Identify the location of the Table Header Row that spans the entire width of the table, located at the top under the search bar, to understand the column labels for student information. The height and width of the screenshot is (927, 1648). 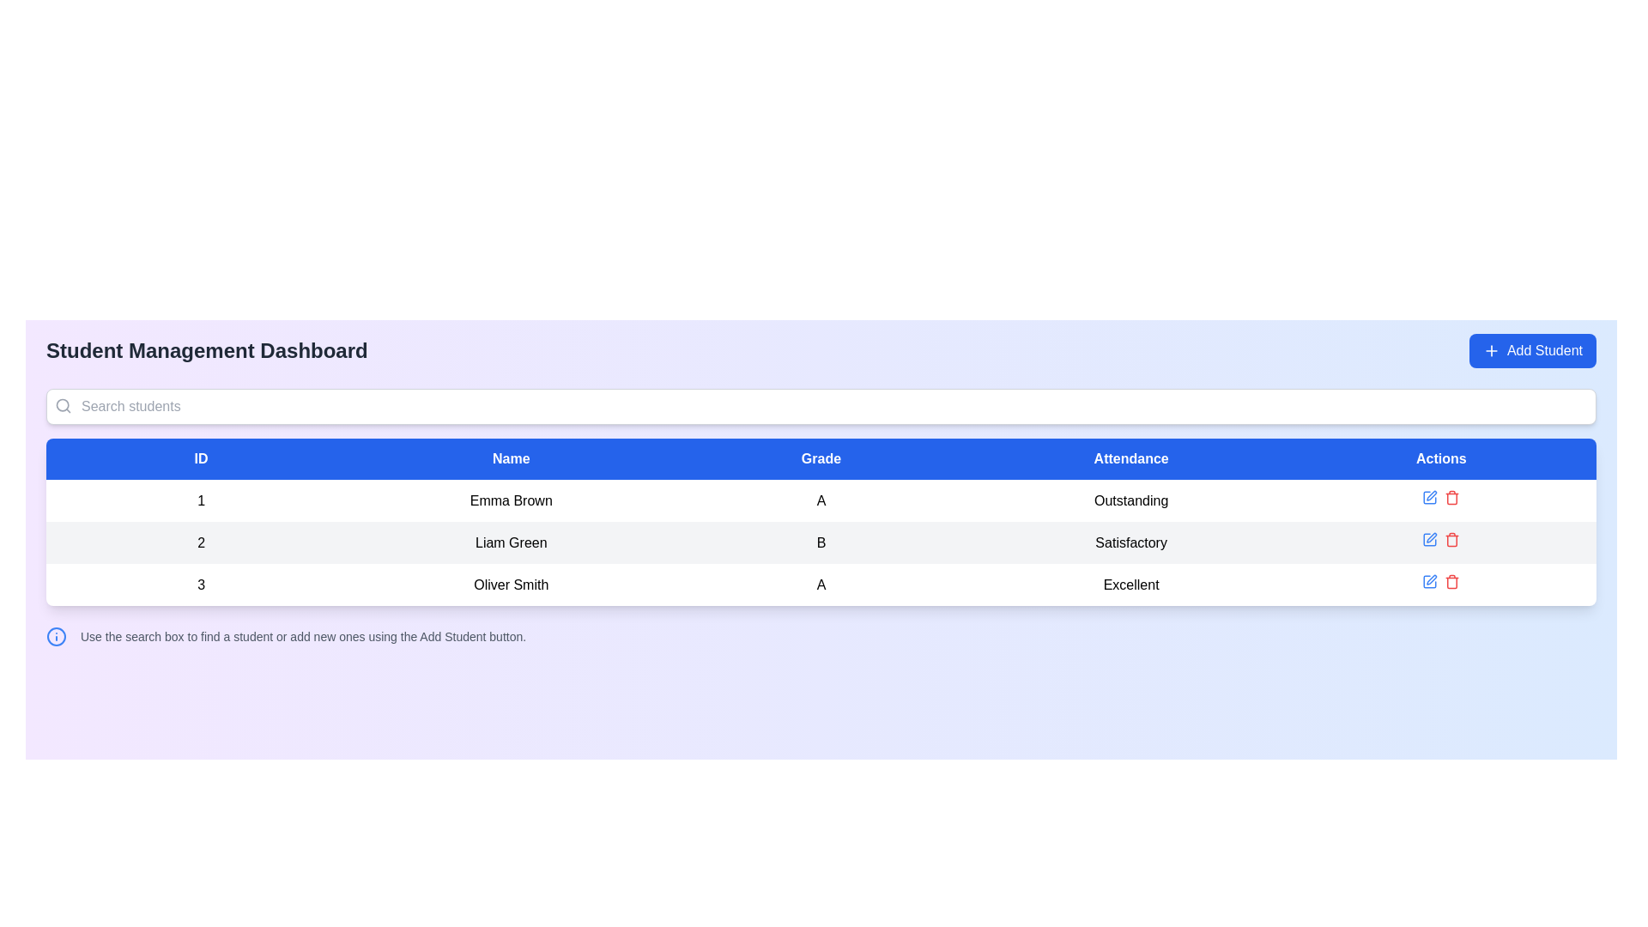
(820, 458).